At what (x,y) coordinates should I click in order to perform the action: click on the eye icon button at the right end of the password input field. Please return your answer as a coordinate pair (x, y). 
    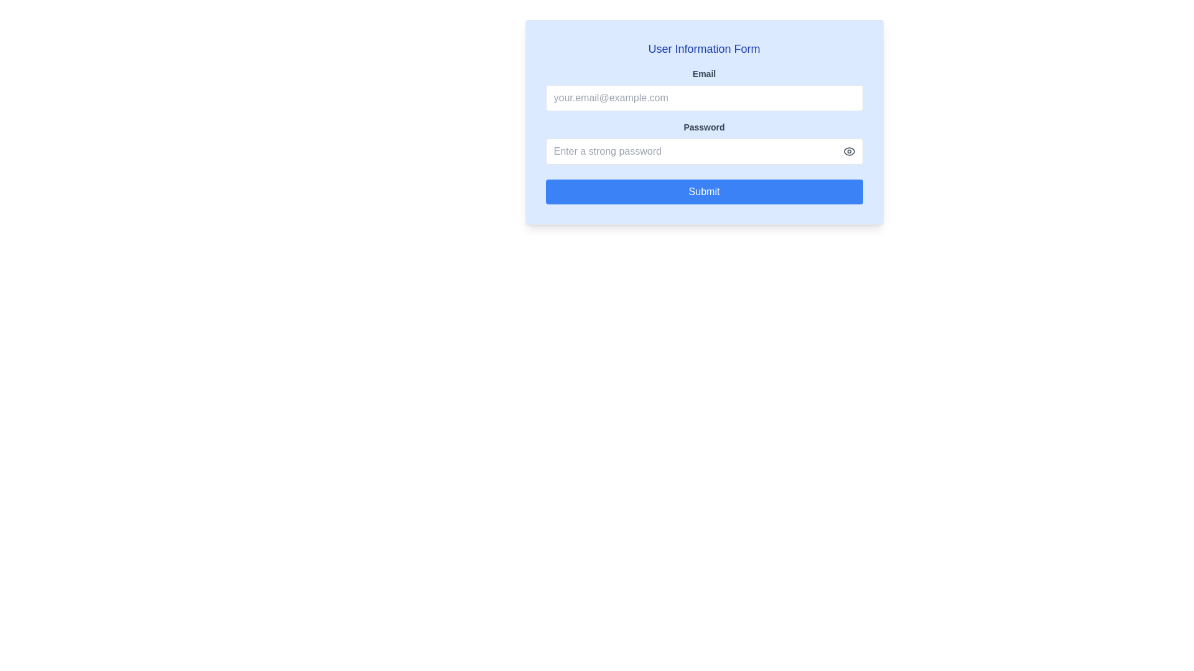
    Looking at the image, I should click on (848, 150).